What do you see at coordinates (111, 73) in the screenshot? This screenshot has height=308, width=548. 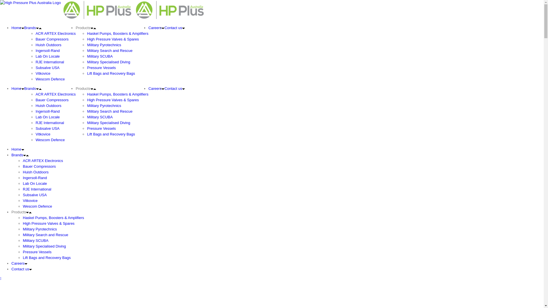 I see `'Lift Bags and Recovery Bags'` at bounding box center [111, 73].